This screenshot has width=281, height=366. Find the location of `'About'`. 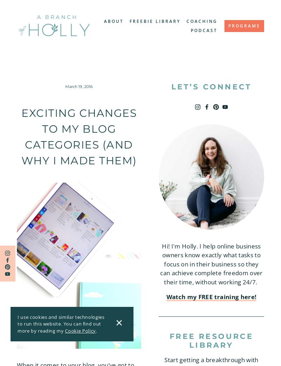

'About' is located at coordinates (113, 20).